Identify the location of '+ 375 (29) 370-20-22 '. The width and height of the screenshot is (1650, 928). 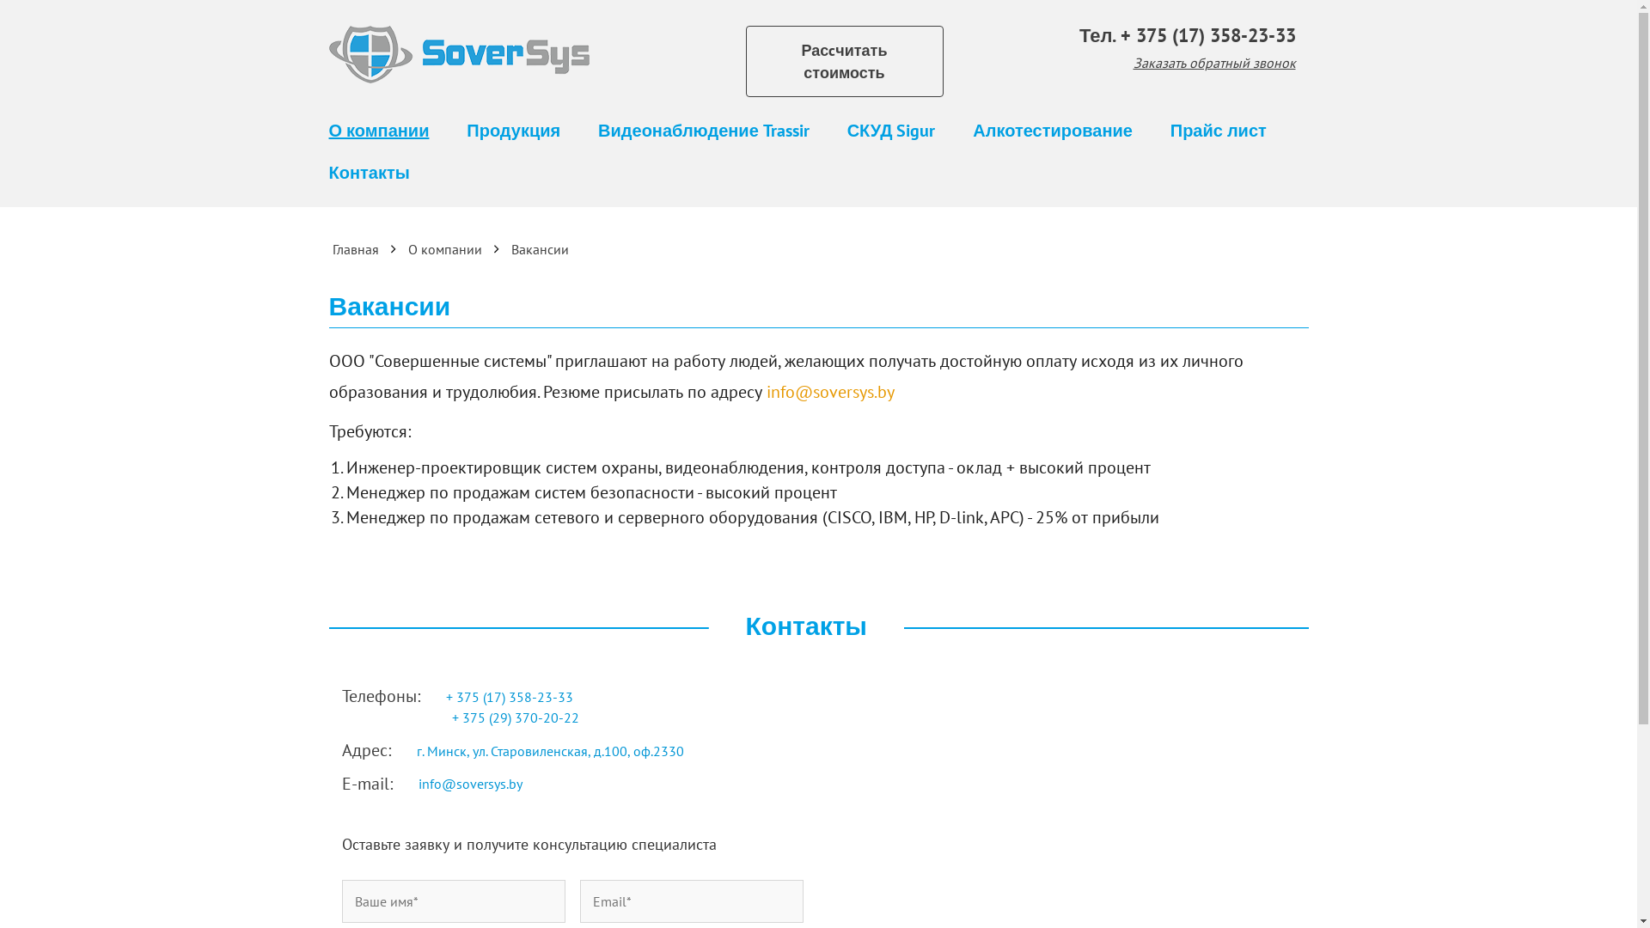
(452, 717).